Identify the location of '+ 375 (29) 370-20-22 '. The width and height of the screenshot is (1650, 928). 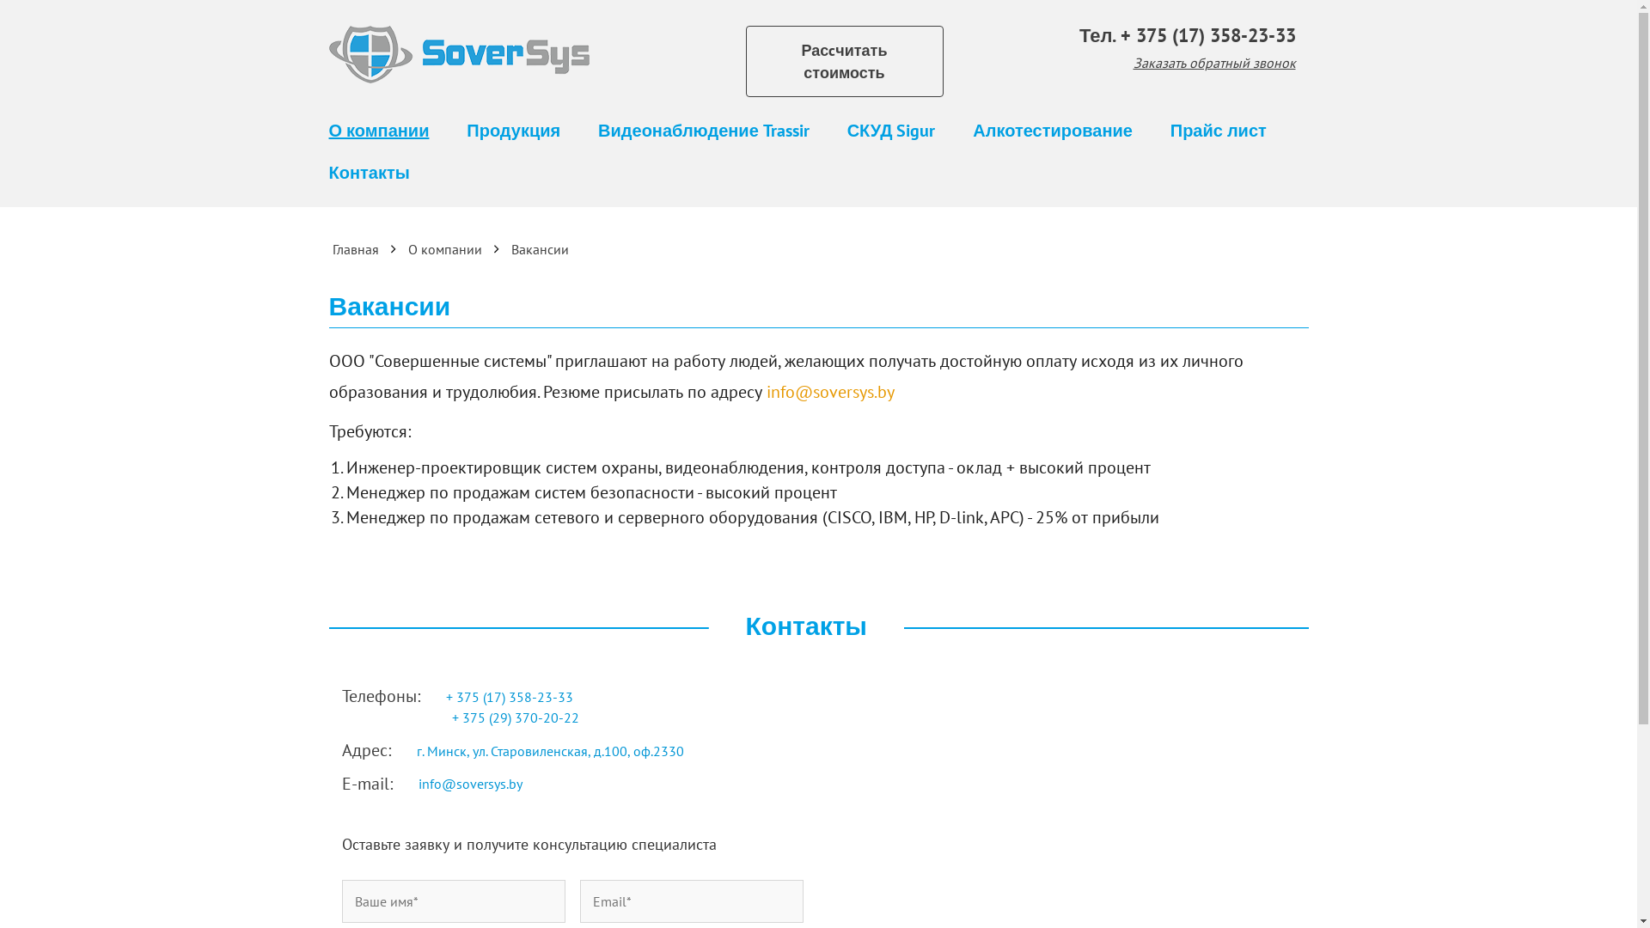
(452, 717).